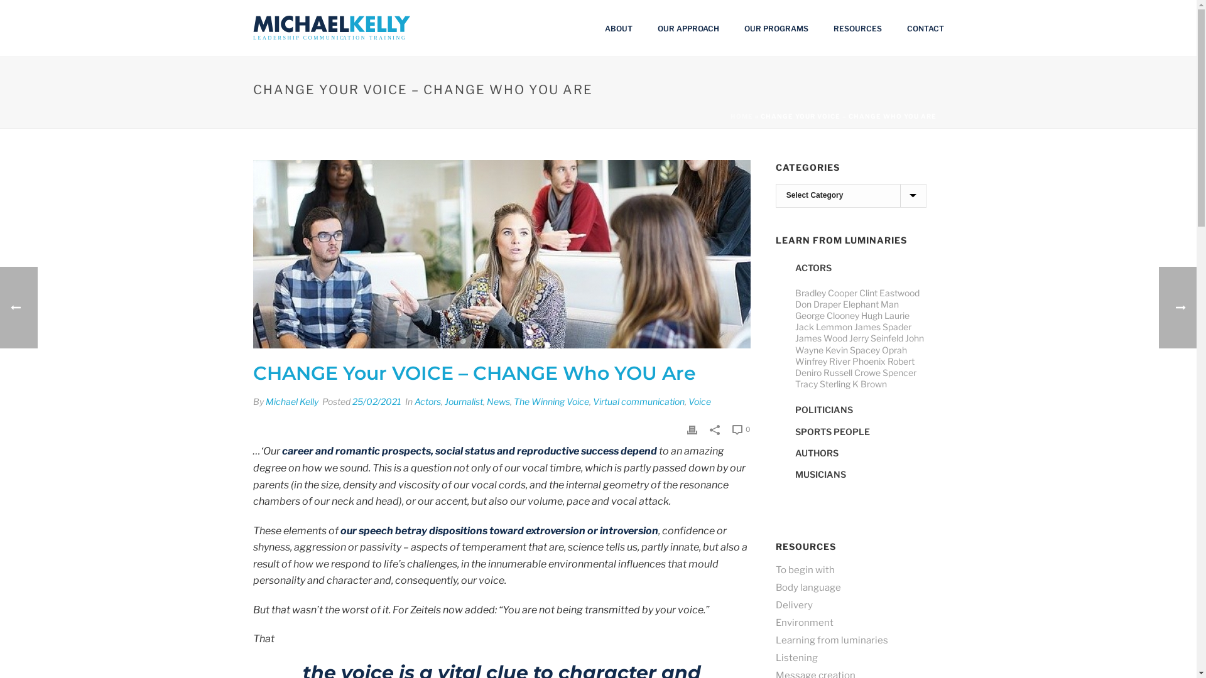 The width and height of the screenshot is (1206, 678). Describe the element at coordinates (796, 657) in the screenshot. I see `'Listening'` at that location.